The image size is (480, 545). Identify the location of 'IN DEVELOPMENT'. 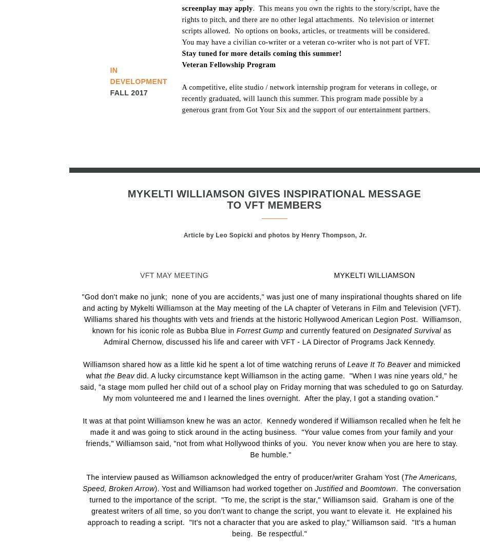
(110, 75).